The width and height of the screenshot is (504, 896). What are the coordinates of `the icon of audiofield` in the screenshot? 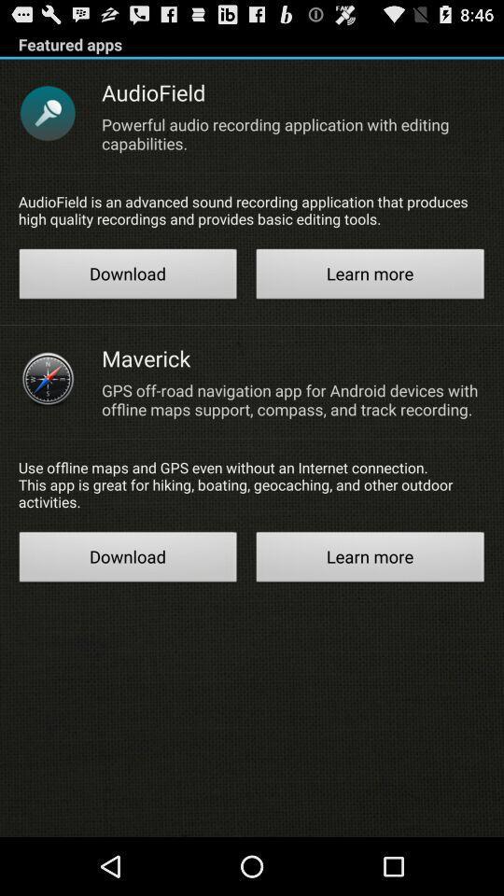 It's located at (48, 112).